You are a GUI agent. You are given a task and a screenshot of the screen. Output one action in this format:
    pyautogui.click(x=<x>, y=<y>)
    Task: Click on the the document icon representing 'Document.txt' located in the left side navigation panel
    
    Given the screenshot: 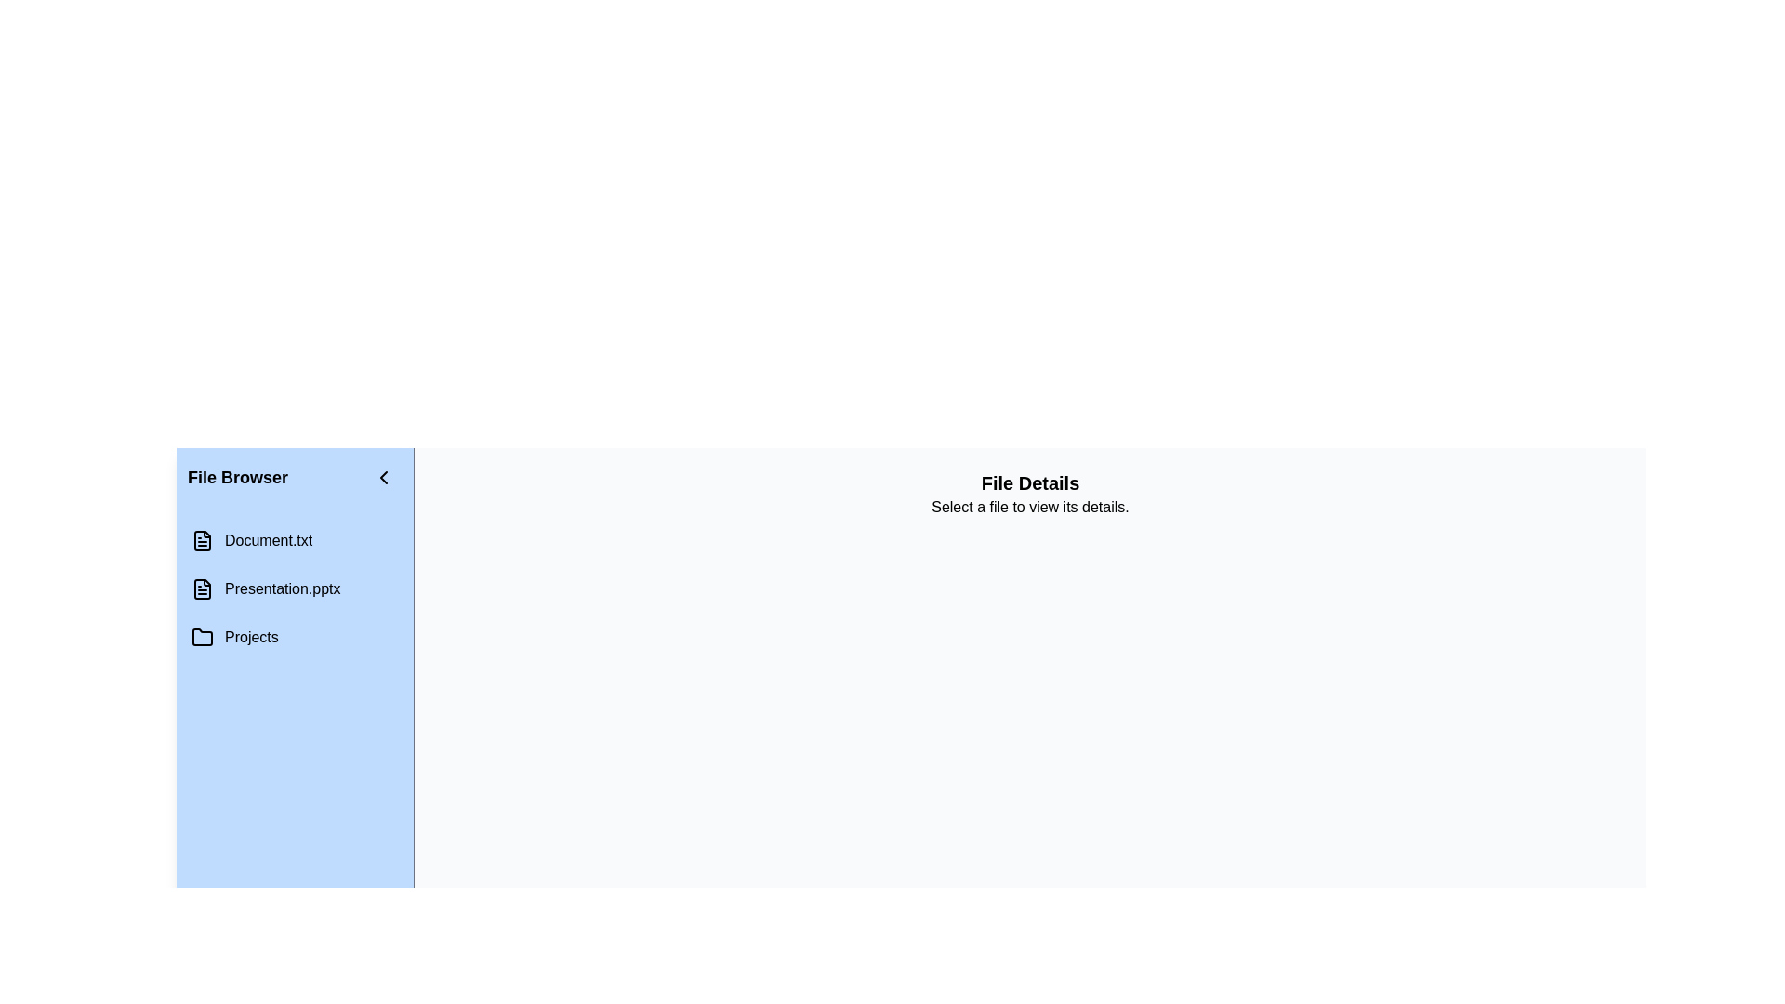 What is the action you would take?
    pyautogui.click(x=202, y=541)
    